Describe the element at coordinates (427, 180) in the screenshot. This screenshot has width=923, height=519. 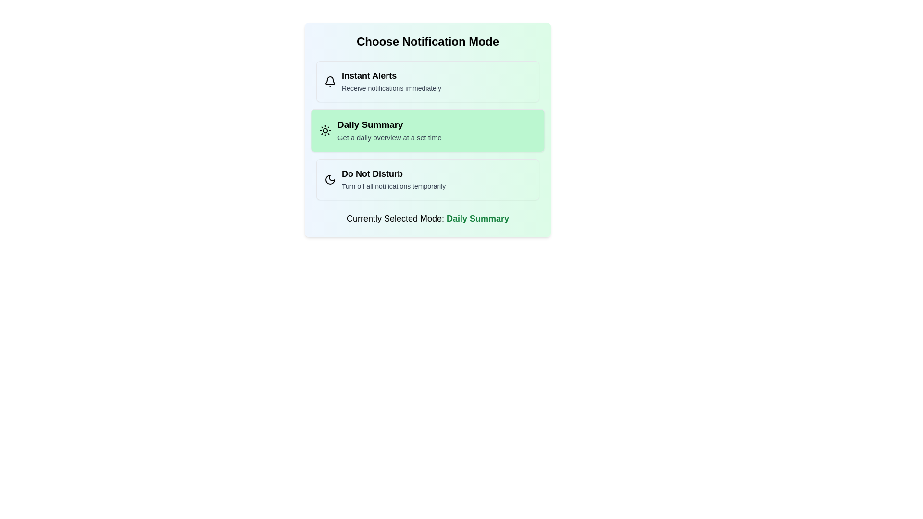
I see `the 'Do Not Disturb' selectable option button` at that location.